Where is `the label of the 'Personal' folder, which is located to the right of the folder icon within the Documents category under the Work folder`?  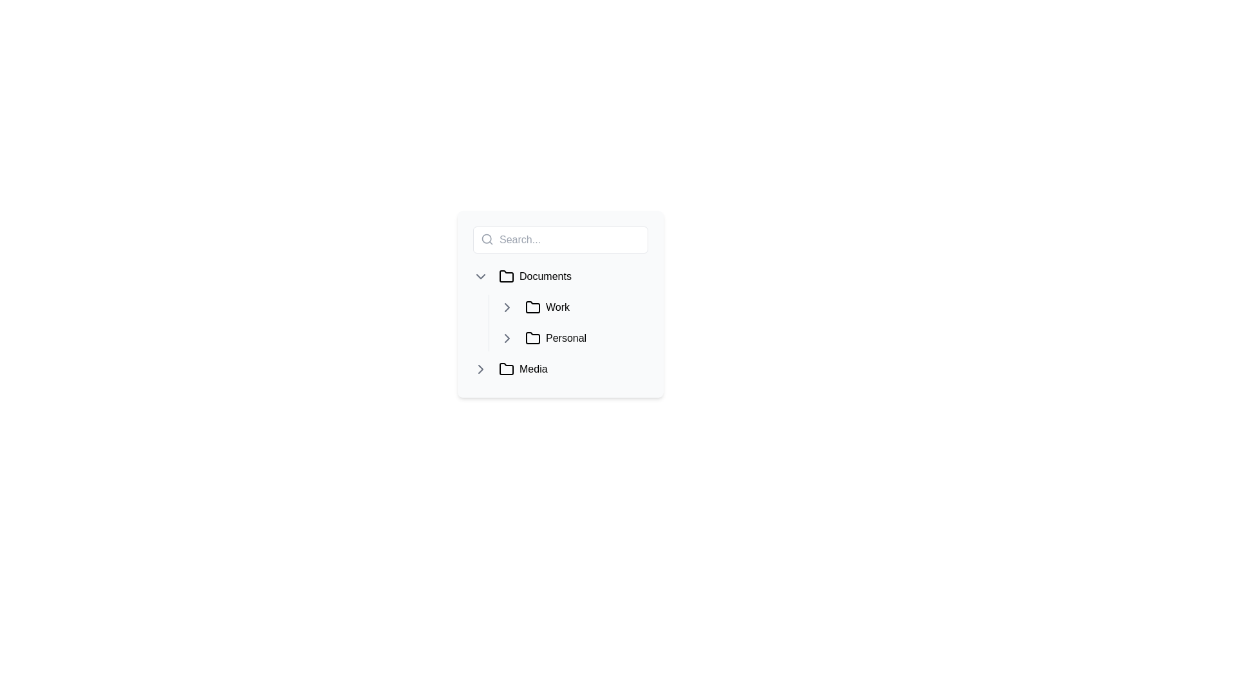
the label of the 'Personal' folder, which is located to the right of the folder icon within the Documents category under the Work folder is located at coordinates (566, 337).